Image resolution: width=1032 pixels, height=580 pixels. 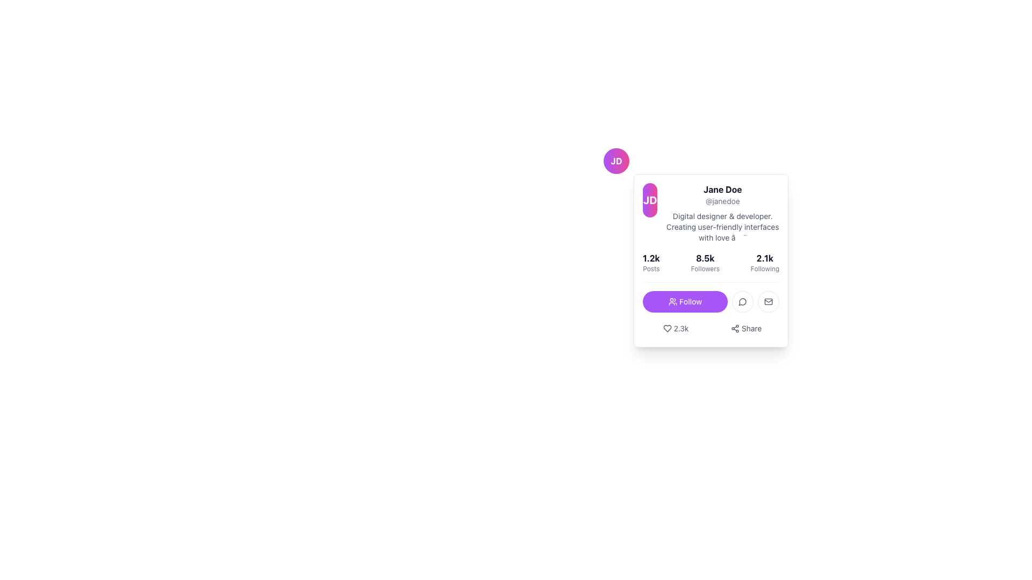 What do you see at coordinates (705, 269) in the screenshot?
I see `the 'Followers' text label, which is a small gray text label displayed below the '8.5k' text, centered horizontally in the middle group of three similar groups` at bounding box center [705, 269].